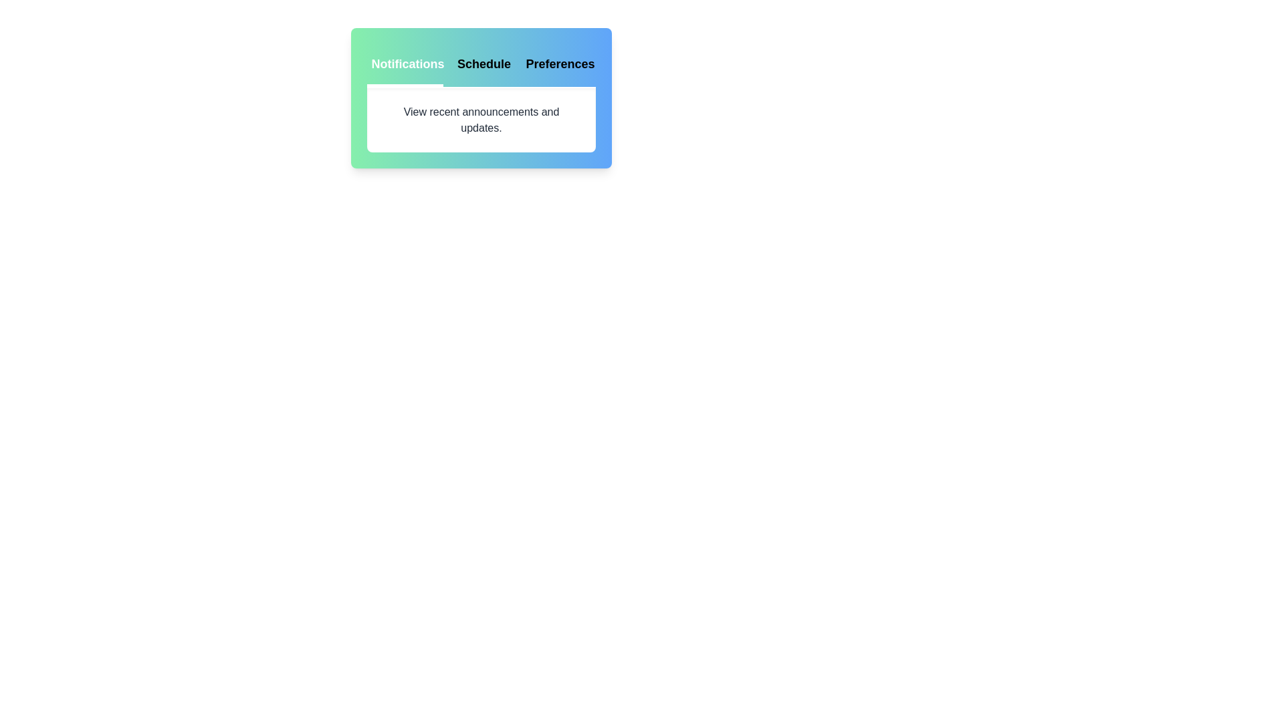 The image size is (1284, 722). Describe the element at coordinates (404, 65) in the screenshot. I see `the tab labeled Notifications` at that location.